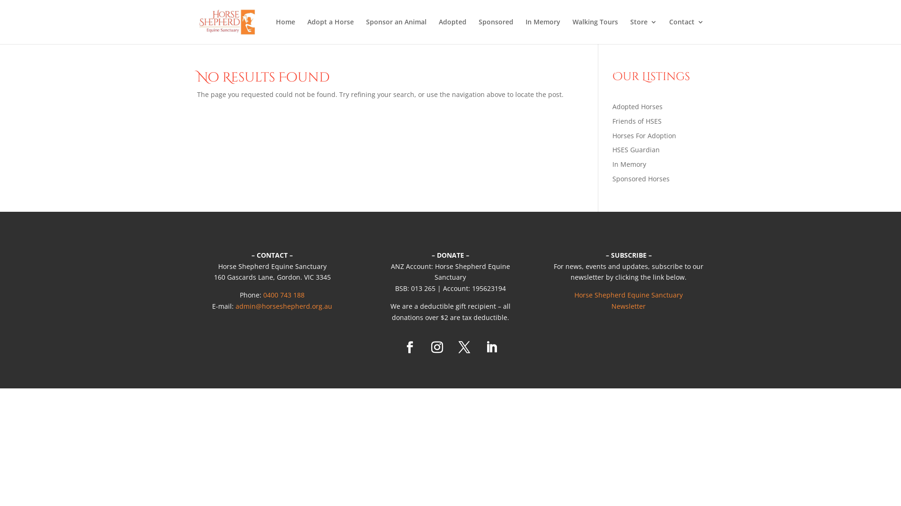 The height and width of the screenshot is (506, 901). Describe the element at coordinates (410, 347) in the screenshot. I see `'Follow on Facebook'` at that location.